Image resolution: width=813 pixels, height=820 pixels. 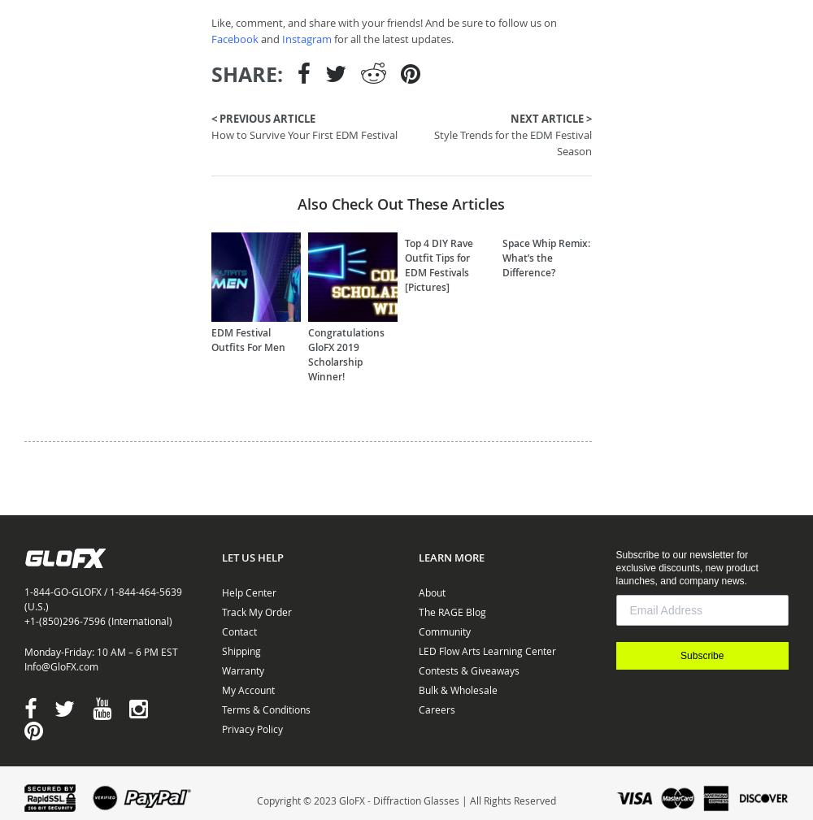 What do you see at coordinates (546, 256) in the screenshot?
I see `'Space Whip Remix: What’s the Difference?'` at bounding box center [546, 256].